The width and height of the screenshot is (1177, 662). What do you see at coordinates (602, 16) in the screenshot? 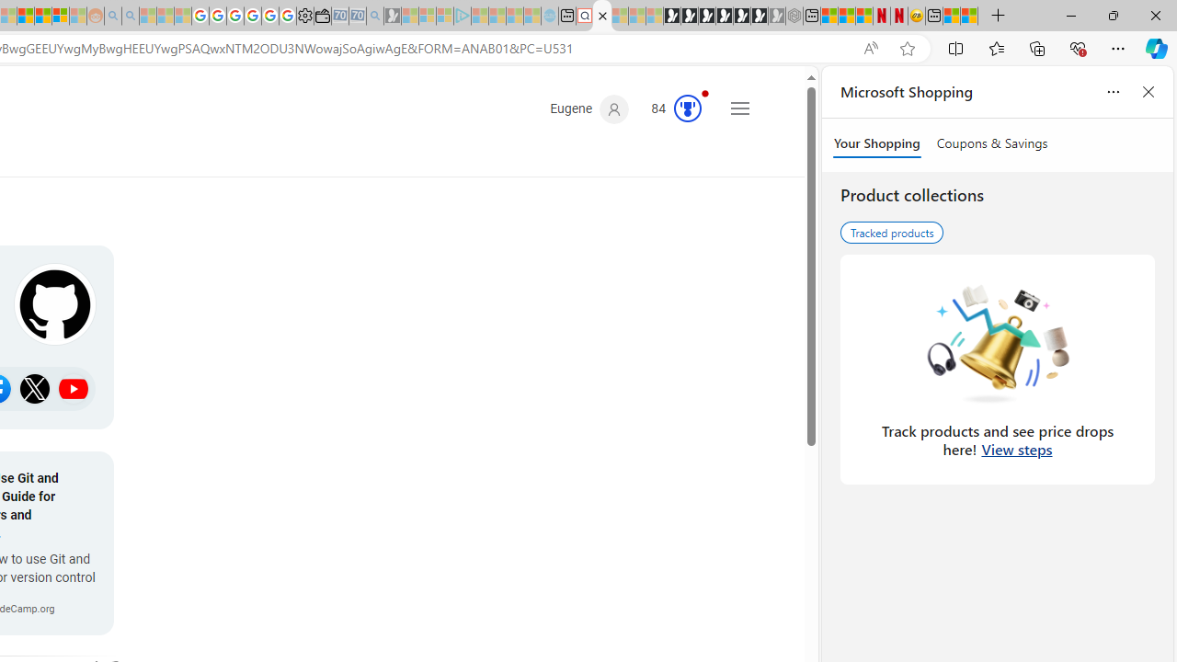
I see `'github - Search'` at bounding box center [602, 16].